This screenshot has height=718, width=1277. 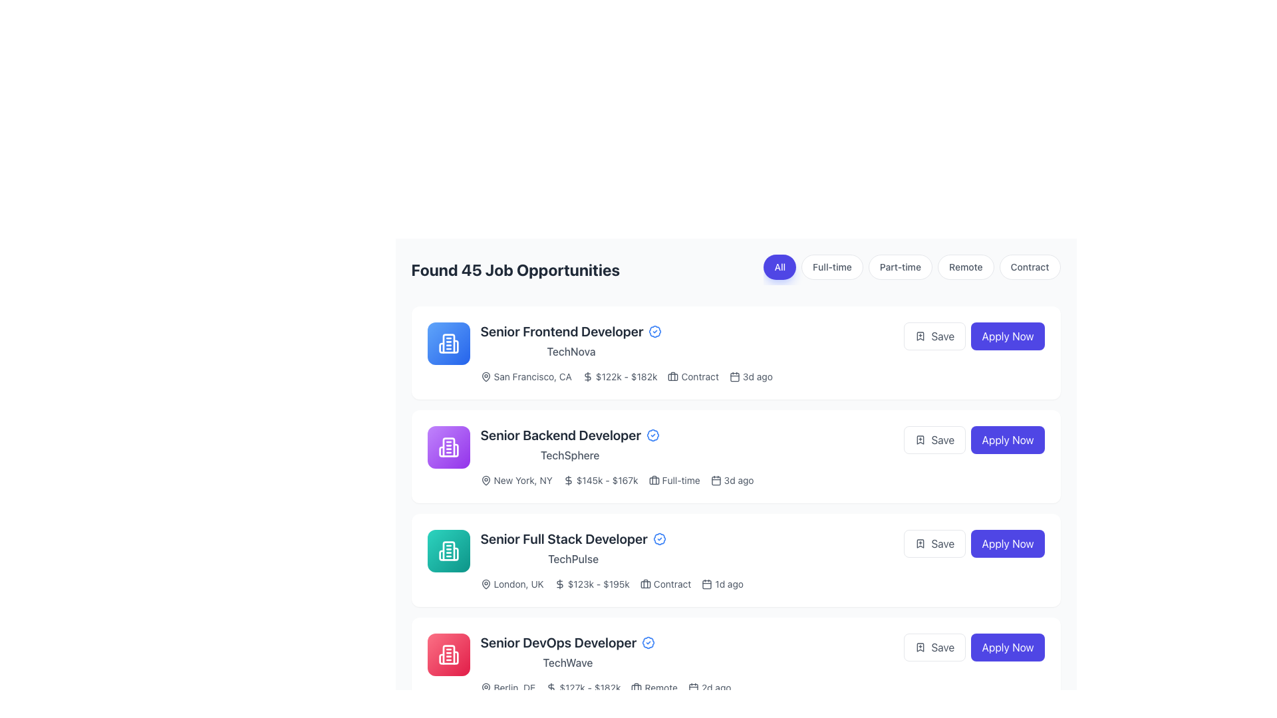 I want to click on the Information display section in the job card for 'Senior Frontend Developer' at 'TechNova', which provides key details about the job such as location, salary range, and contract type, so click(x=762, y=377).